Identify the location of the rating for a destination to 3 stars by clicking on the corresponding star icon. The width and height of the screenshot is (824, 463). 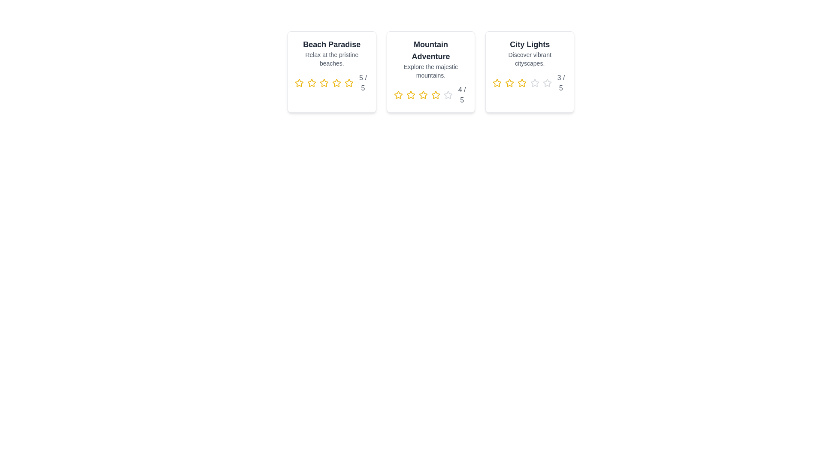
(324, 83).